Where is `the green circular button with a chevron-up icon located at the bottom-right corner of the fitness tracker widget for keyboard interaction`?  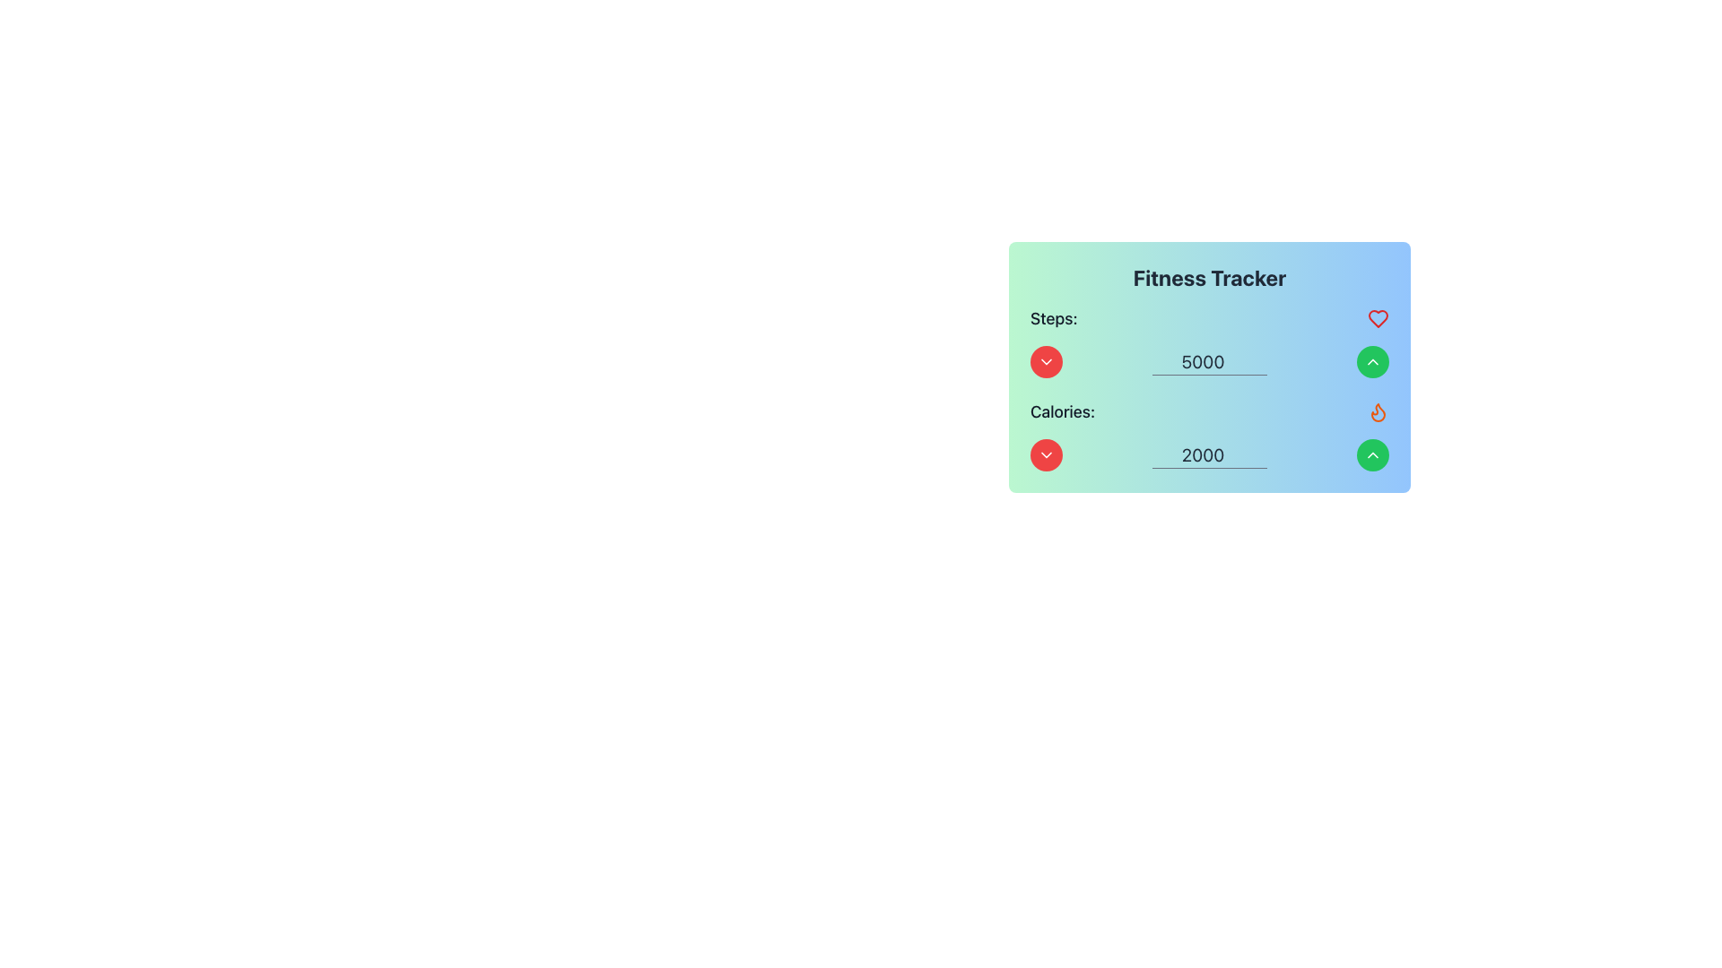
the green circular button with a chevron-up icon located at the bottom-right corner of the fitness tracker widget for keyboard interaction is located at coordinates (1372, 362).